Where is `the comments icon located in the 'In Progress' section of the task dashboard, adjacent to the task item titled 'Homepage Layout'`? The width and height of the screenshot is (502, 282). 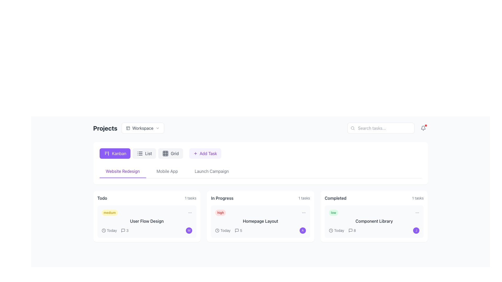 the comments icon located in the 'In Progress' section of the task dashboard, adjacent to the task item titled 'Homepage Layout' is located at coordinates (236, 230).